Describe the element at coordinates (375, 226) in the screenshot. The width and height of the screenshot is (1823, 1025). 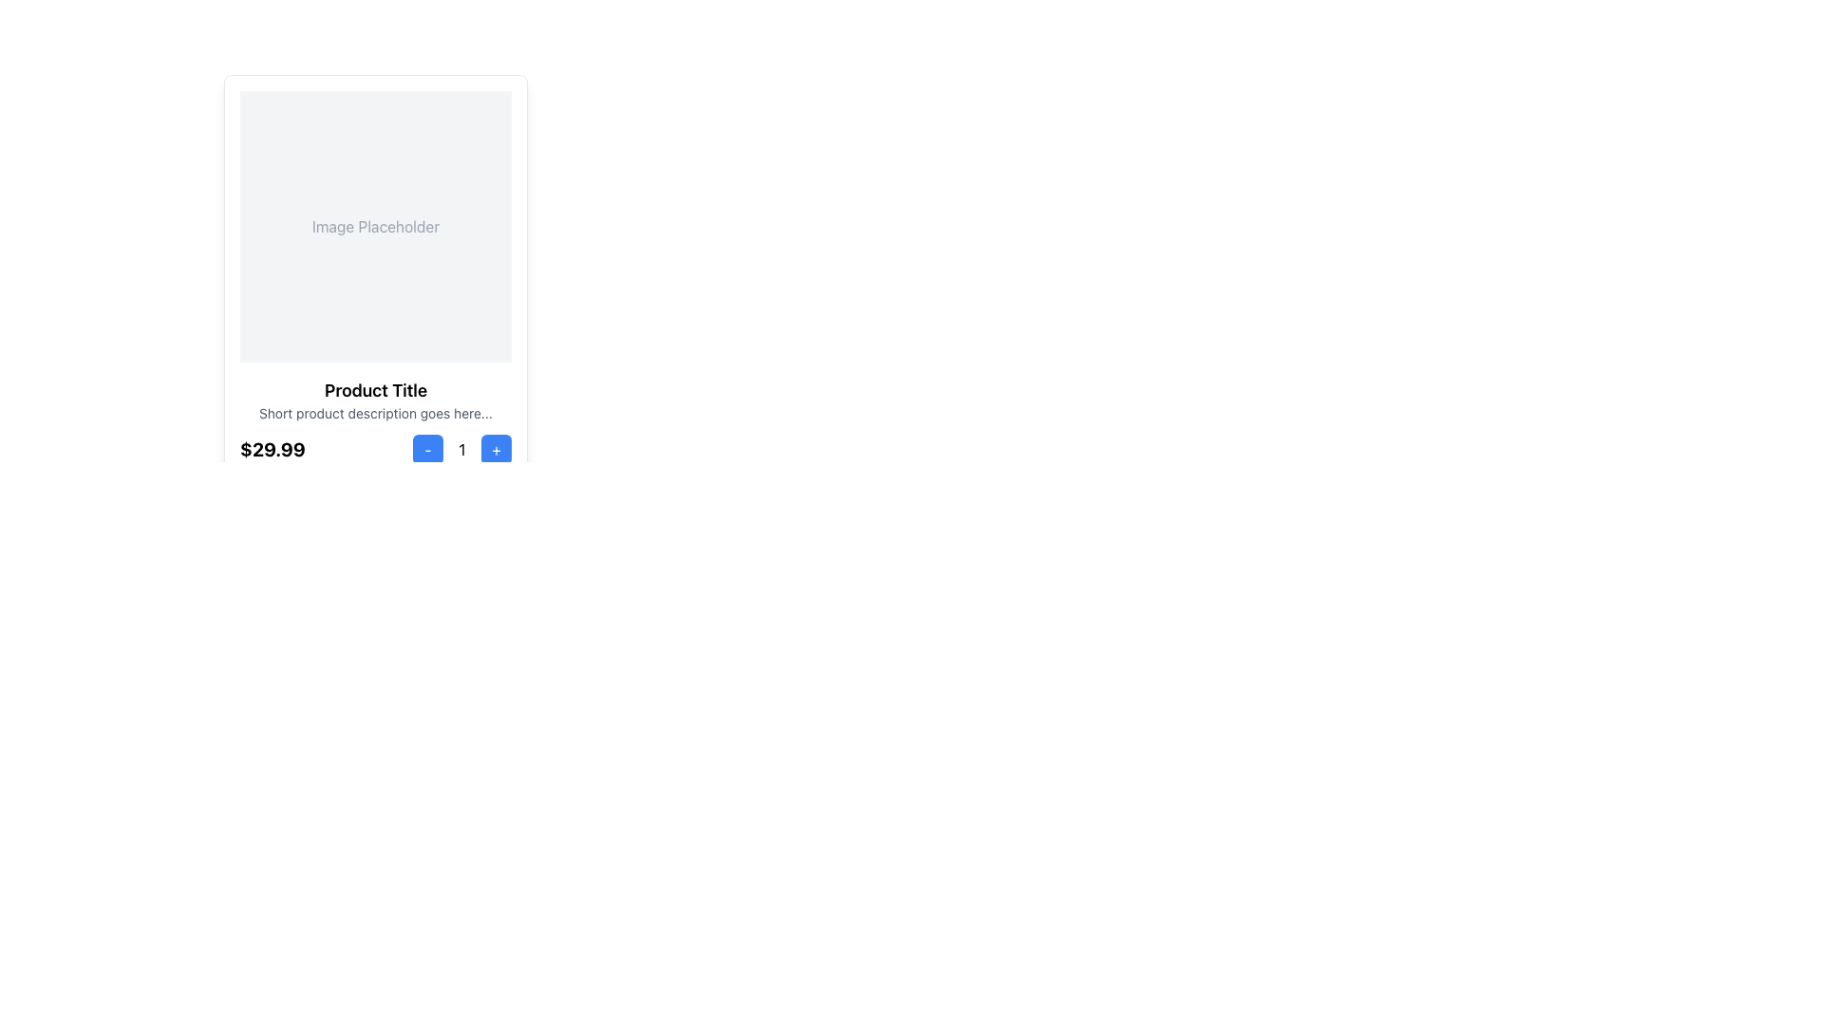
I see `text from the Text Label that serves as a placeholder for an image, located at the center of a light gray background square box` at that location.